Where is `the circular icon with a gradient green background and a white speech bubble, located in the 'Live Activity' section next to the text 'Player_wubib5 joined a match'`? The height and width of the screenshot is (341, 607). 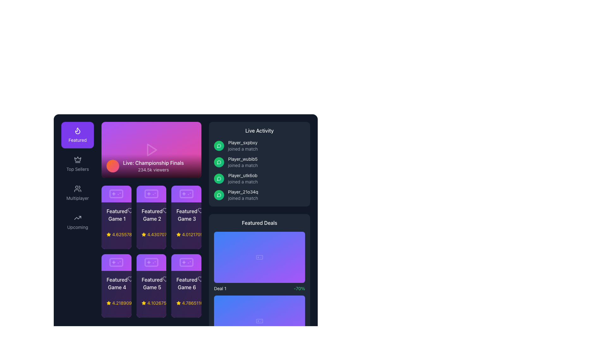 the circular icon with a gradient green background and a white speech bubble, located in the 'Live Activity' section next to the text 'Player_wubib5 joined a match' is located at coordinates (219, 162).